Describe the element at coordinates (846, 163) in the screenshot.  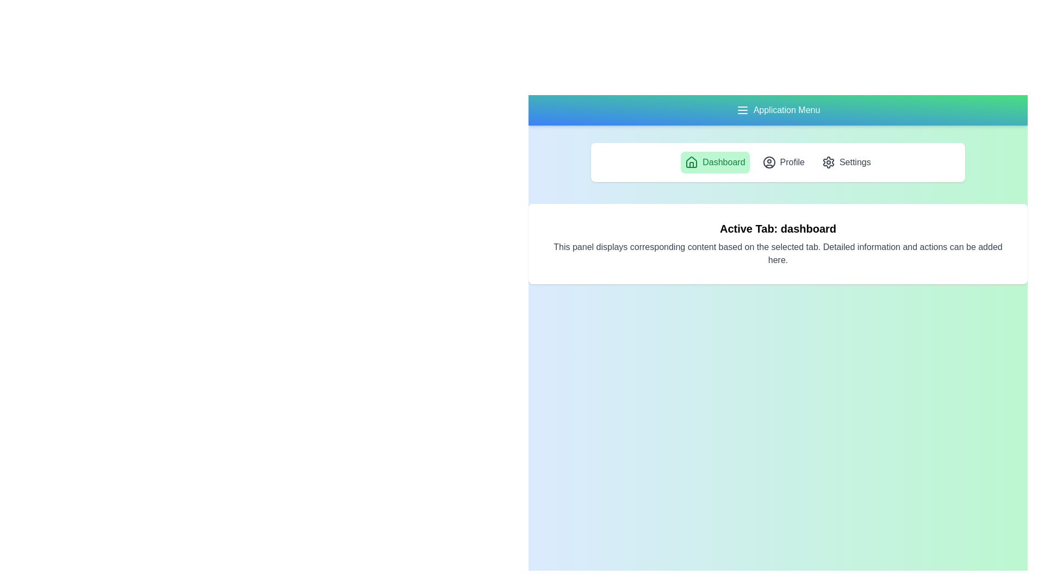
I see `the tab labeled Settings to observe its hover effect` at that location.